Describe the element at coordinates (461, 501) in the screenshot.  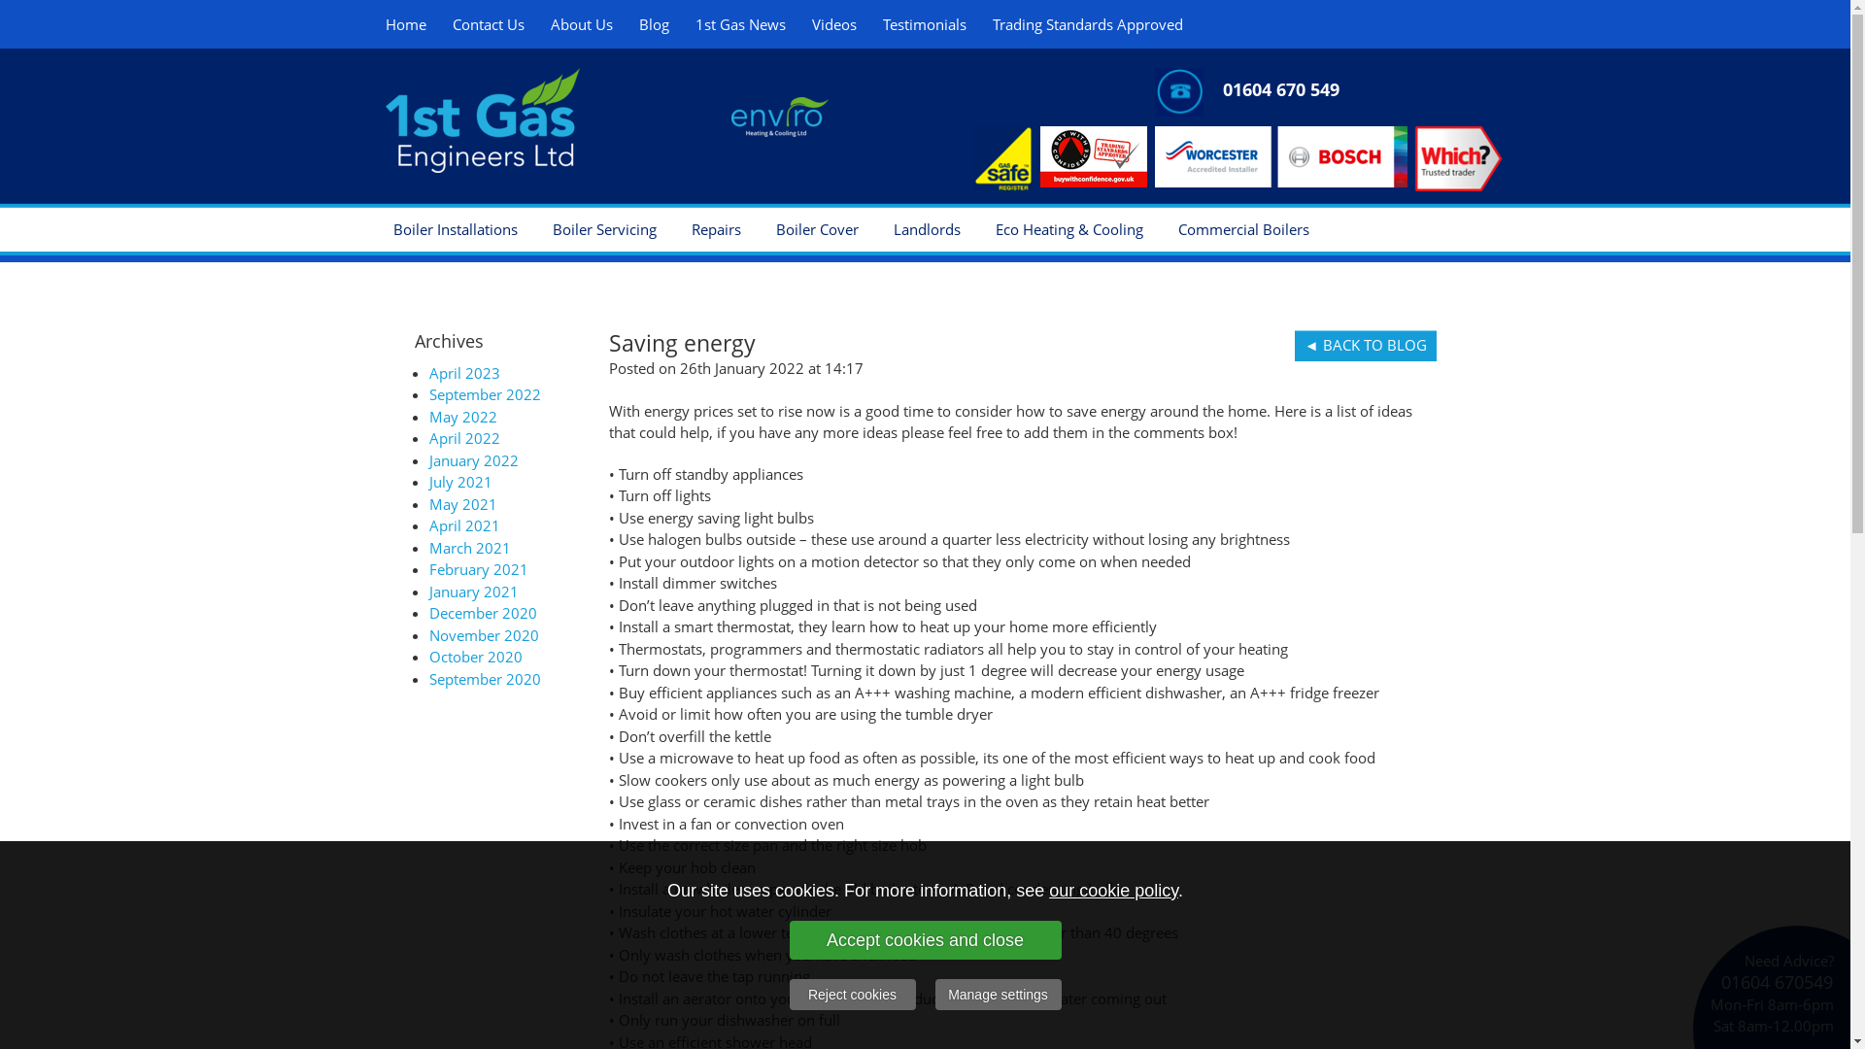
I see `'May 2021'` at that location.